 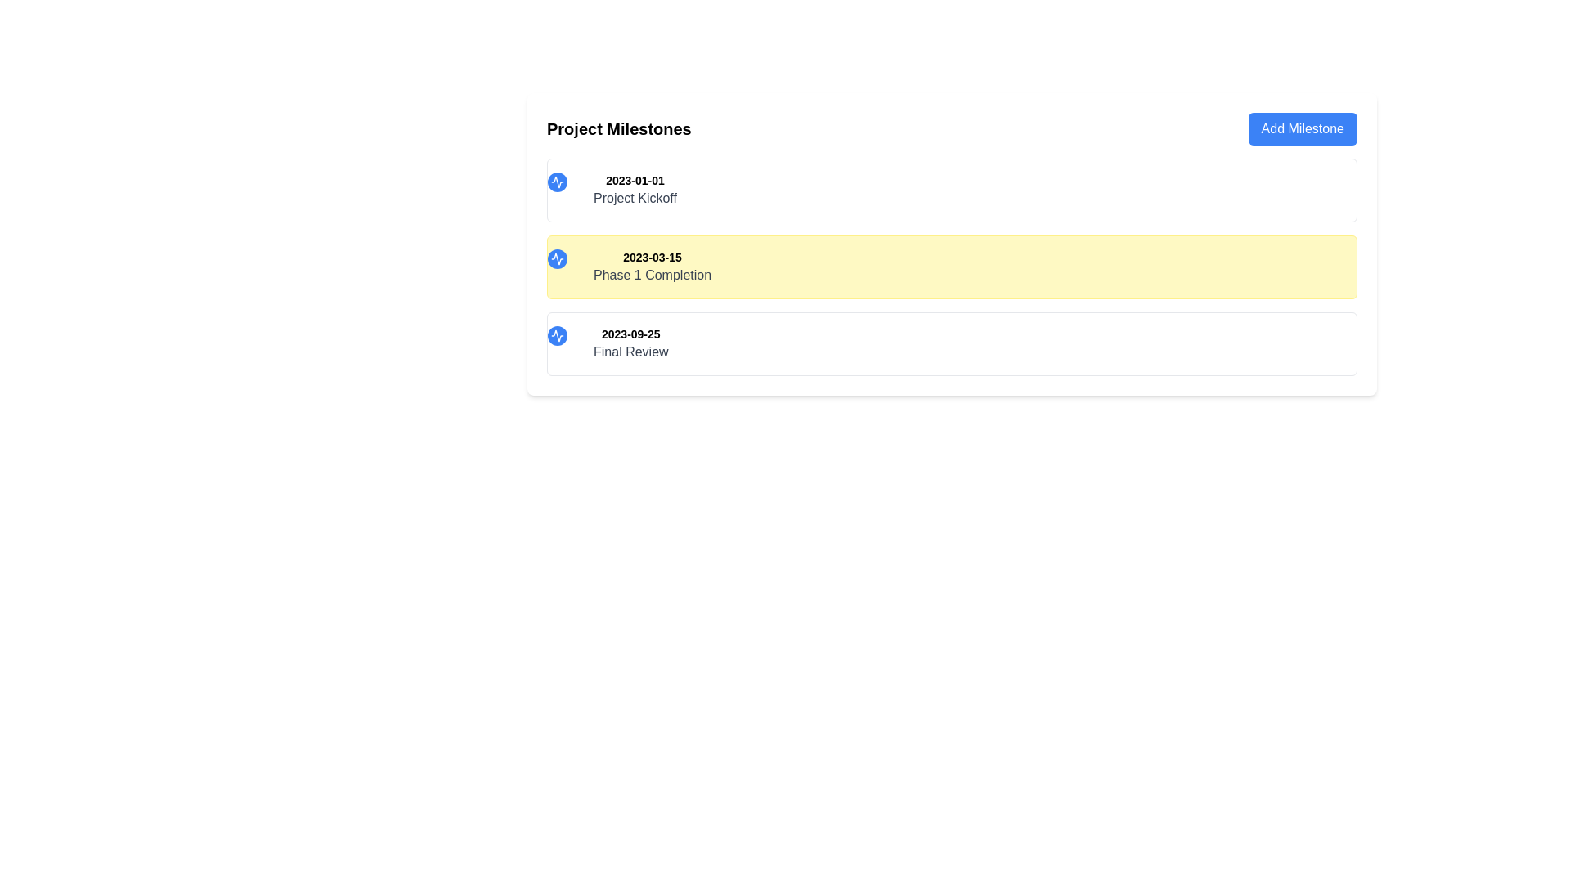 What do you see at coordinates (557, 335) in the screenshot?
I see `the SVG icon embedded within a circular background that serves as a visual identifier for the first milestone entry under the 'Project Milestones' list, located to the left of the text '2023-01-01 Project Kickoff'` at bounding box center [557, 335].